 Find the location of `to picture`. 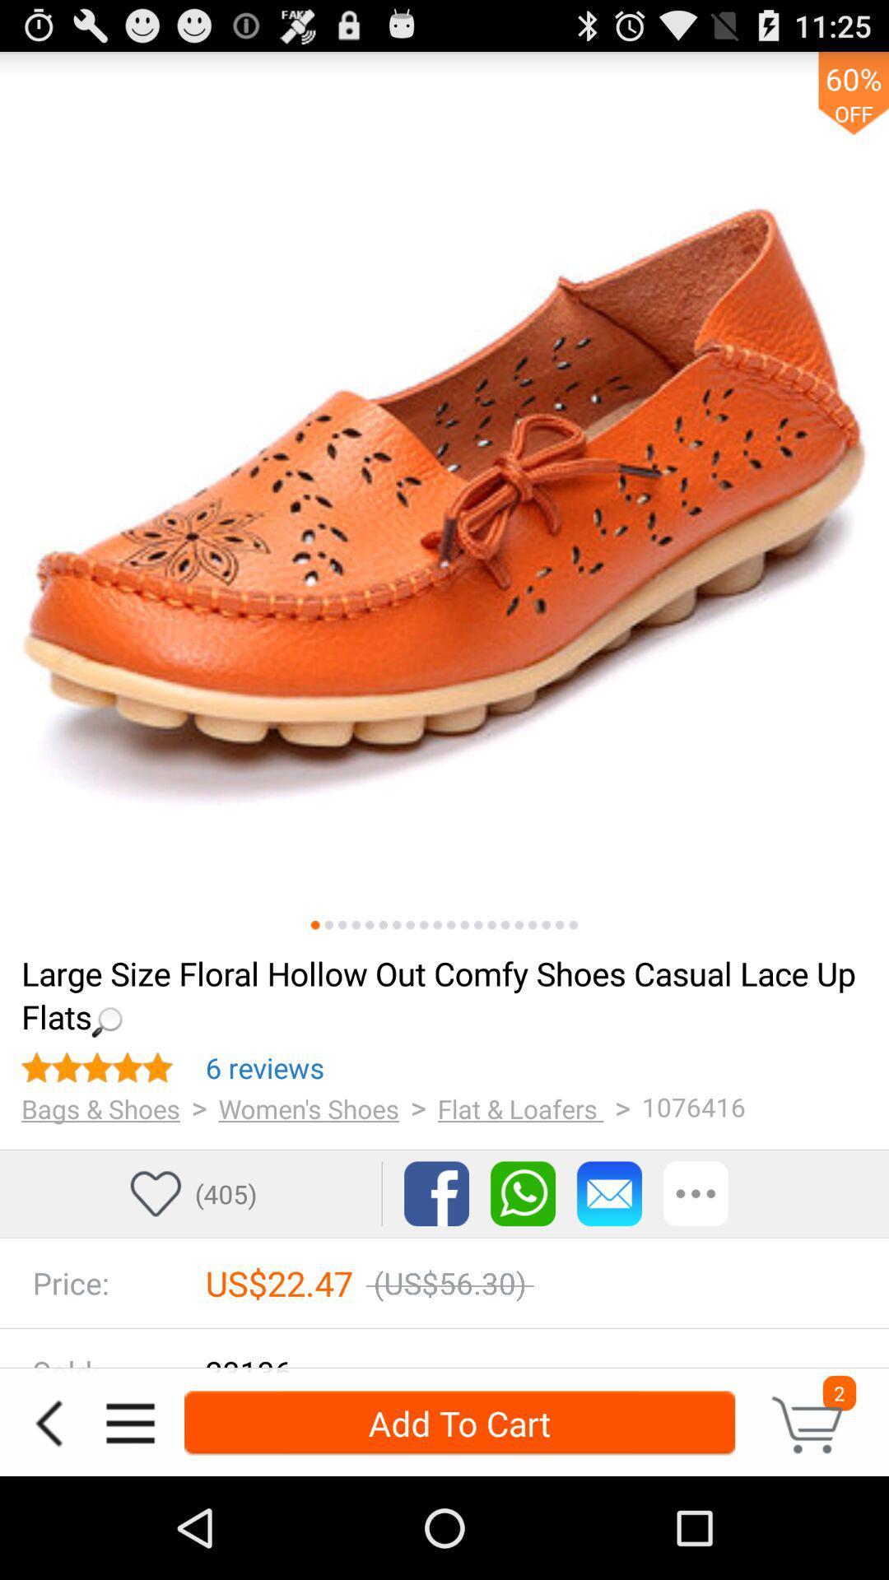

to picture is located at coordinates (546, 925).